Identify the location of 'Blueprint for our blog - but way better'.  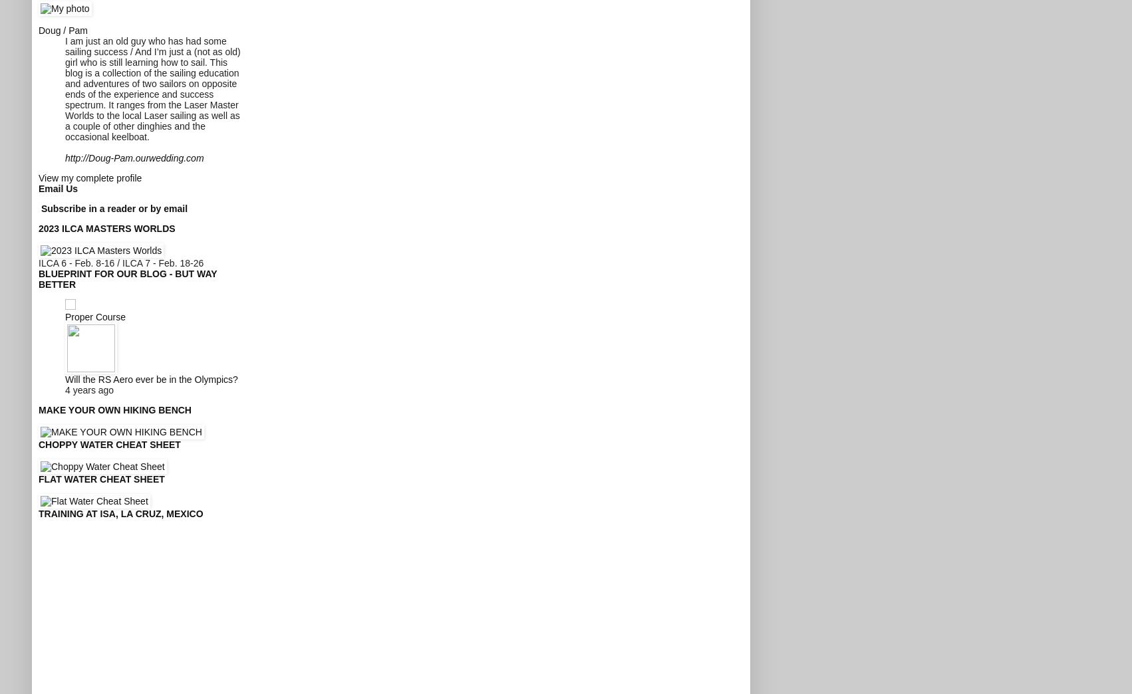
(126, 277).